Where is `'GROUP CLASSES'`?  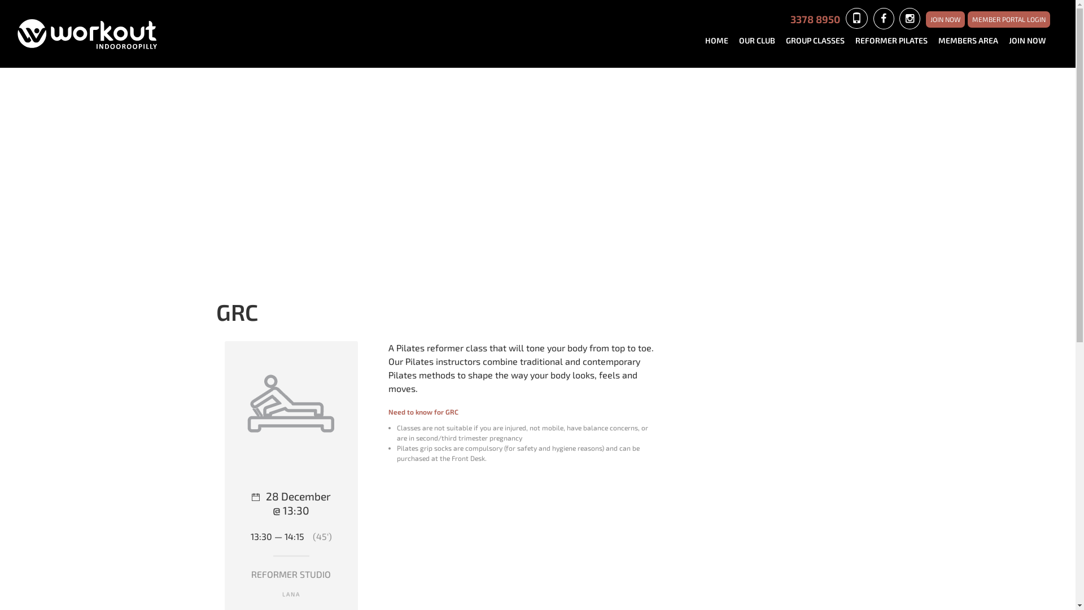
'GROUP CLASSES' is located at coordinates (819, 40).